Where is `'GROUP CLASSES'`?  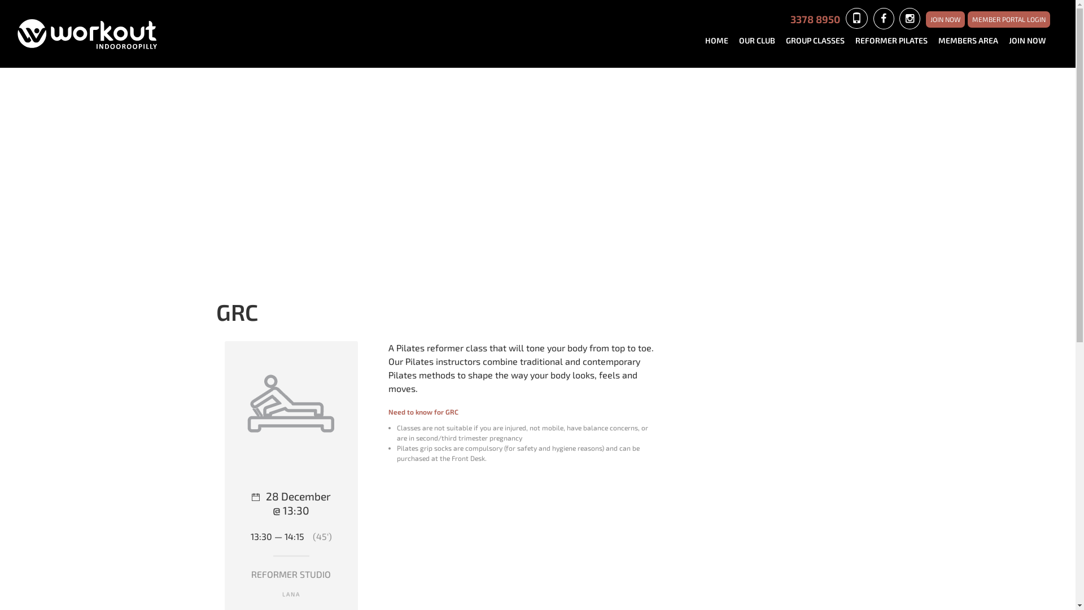
'GROUP CLASSES' is located at coordinates (819, 40).